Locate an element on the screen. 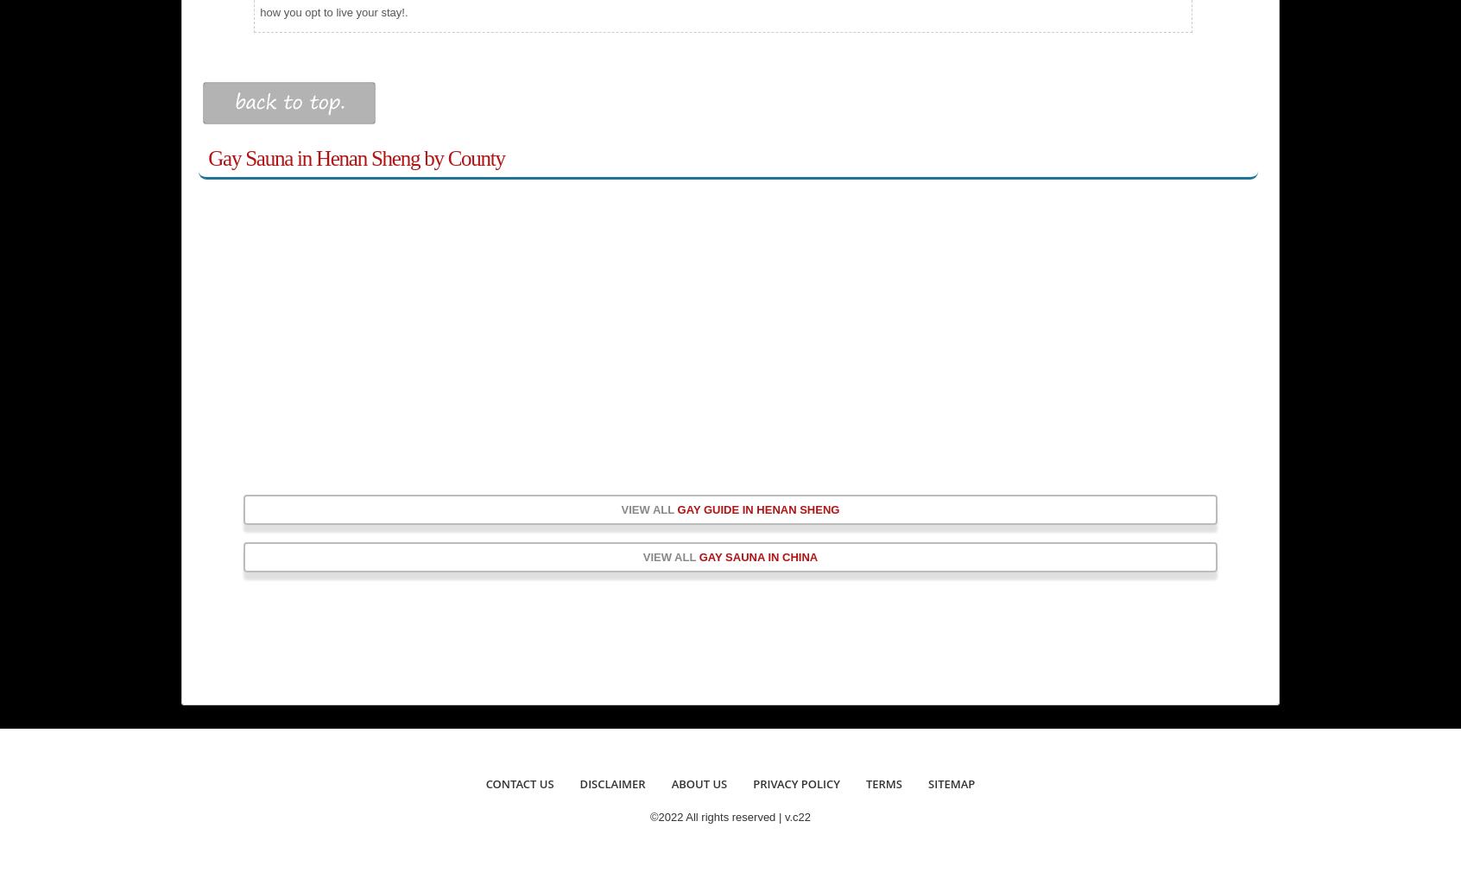  'Gay Sauna in Henan Sheng by County' is located at coordinates (356, 157).